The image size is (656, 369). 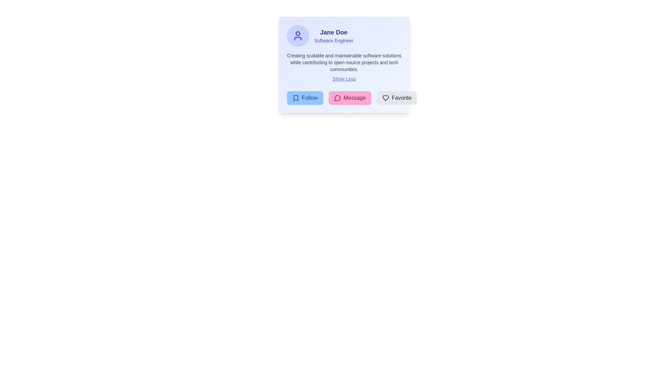 What do you see at coordinates (350, 98) in the screenshot?
I see `the messaging button, which is the second button in a row of three` at bounding box center [350, 98].